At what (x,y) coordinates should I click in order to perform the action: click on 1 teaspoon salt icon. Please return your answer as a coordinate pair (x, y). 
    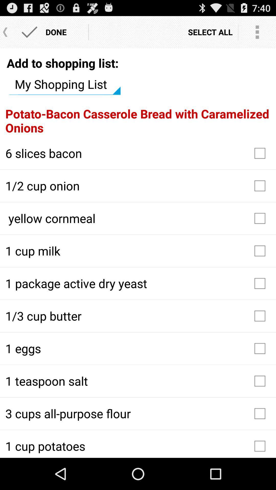
    Looking at the image, I should click on (138, 381).